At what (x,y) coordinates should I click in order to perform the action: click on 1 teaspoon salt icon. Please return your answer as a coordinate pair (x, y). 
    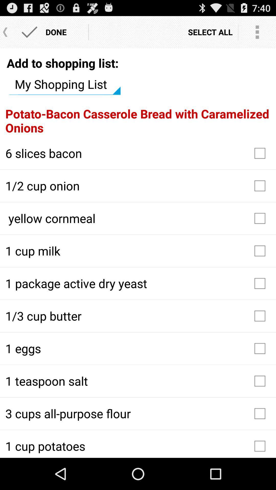
    Looking at the image, I should click on (138, 381).